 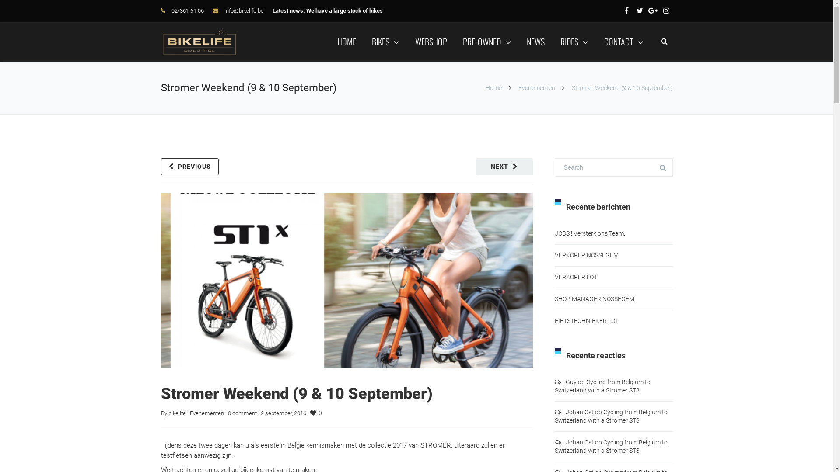 What do you see at coordinates (430, 42) in the screenshot?
I see `'WEBSHOP'` at bounding box center [430, 42].